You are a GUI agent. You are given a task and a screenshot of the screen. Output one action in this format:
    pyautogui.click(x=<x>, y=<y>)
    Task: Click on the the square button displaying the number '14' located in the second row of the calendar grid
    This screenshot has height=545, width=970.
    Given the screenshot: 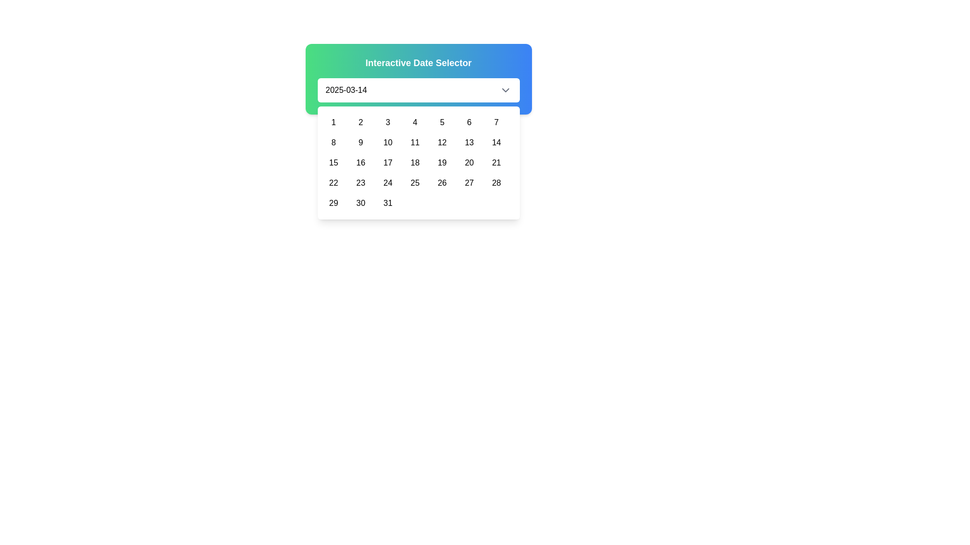 What is the action you would take?
    pyautogui.click(x=496, y=142)
    